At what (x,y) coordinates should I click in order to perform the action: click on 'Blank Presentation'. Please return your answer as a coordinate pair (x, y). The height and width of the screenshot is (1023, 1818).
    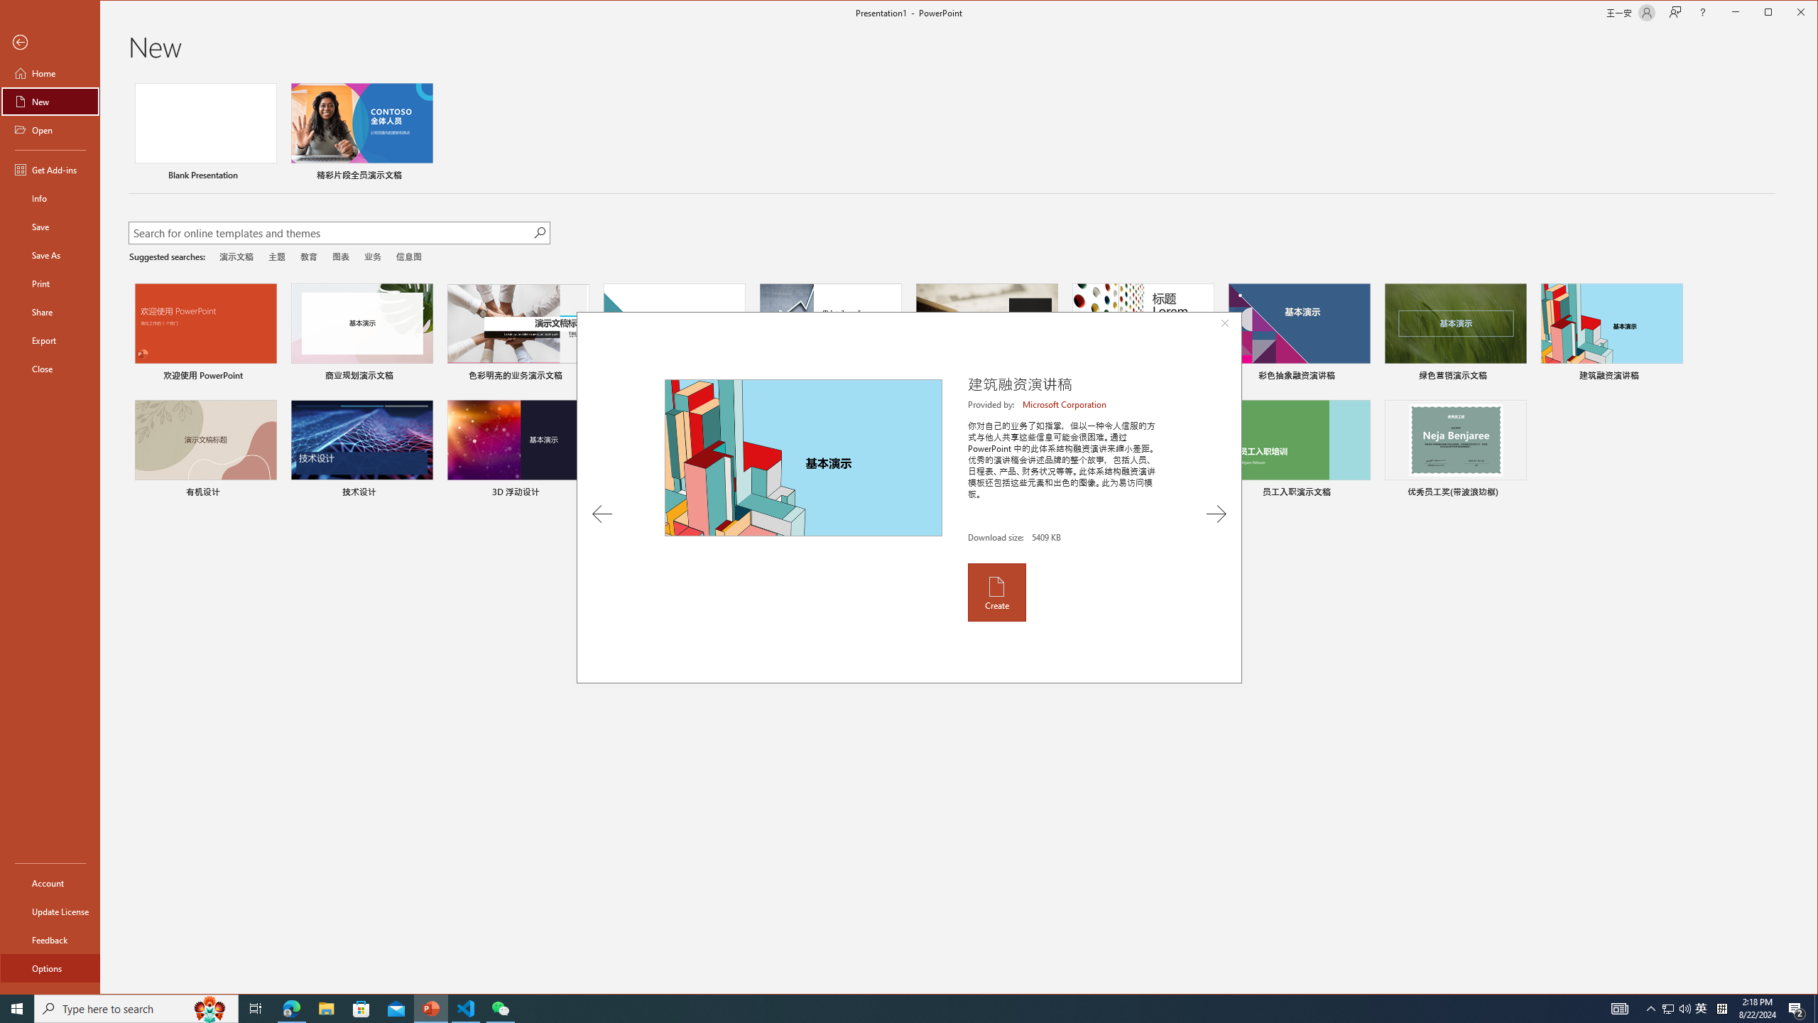
    Looking at the image, I should click on (205, 133).